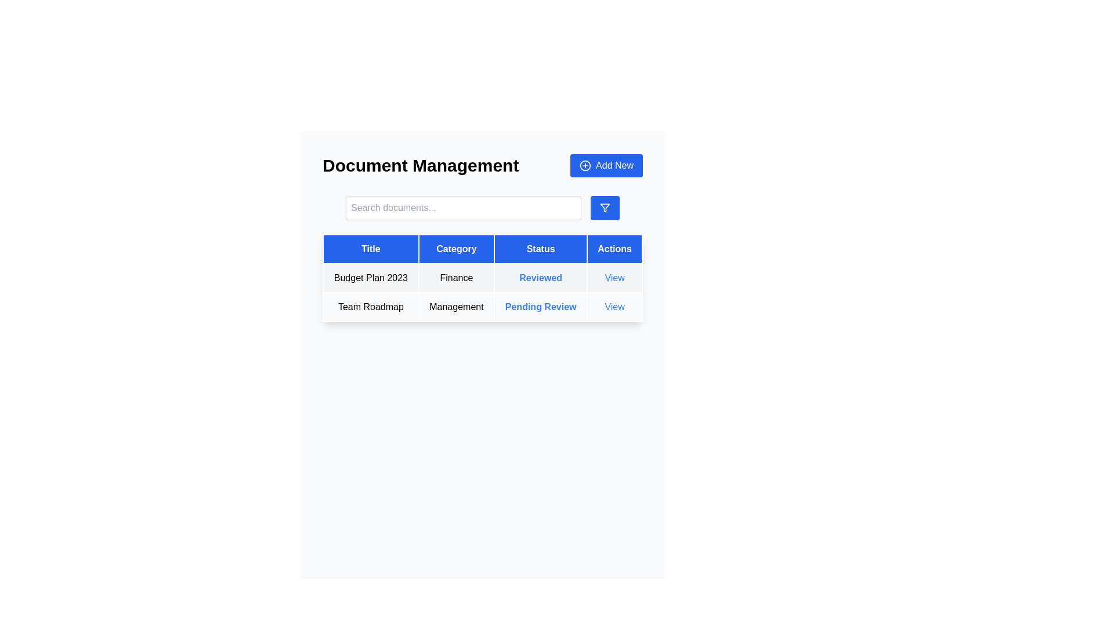 This screenshot has width=1114, height=626. I want to click on the SVG circle that forms the circular border of the 'Add New' button, which contributes to its appearance as a 'plus' icon, so click(585, 165).